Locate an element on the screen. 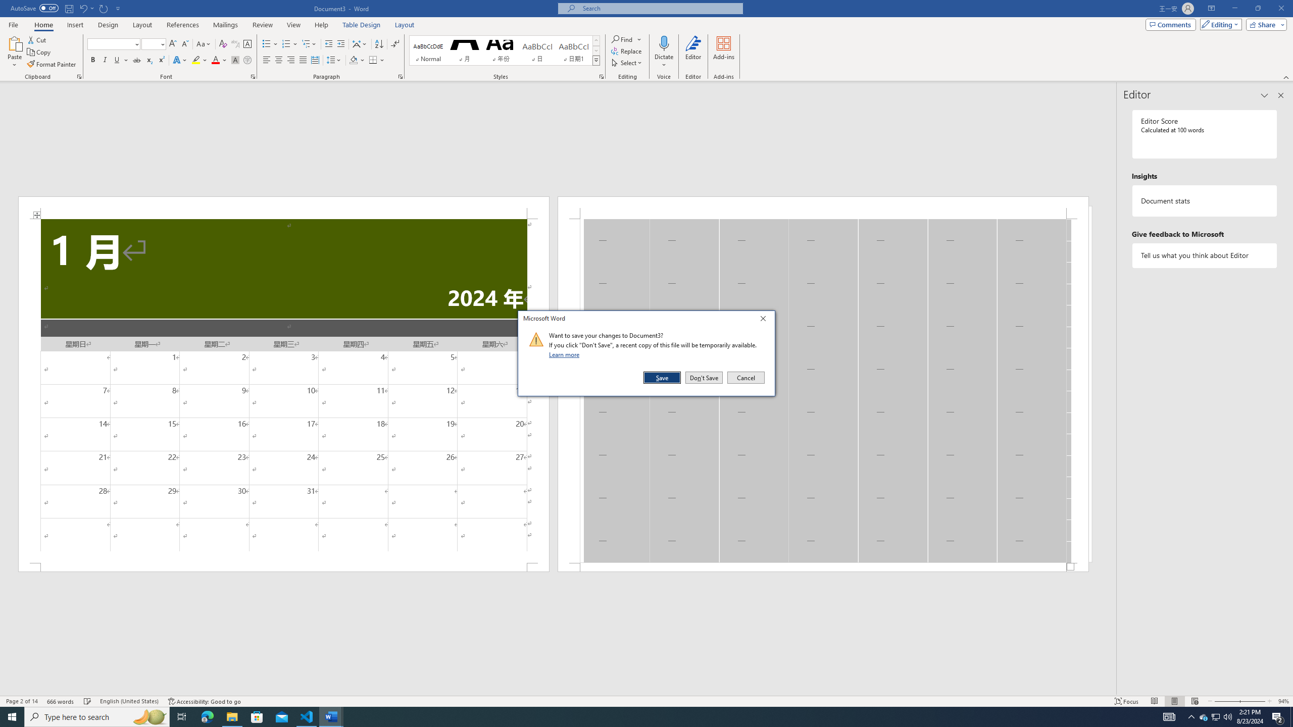  'Word - 2 running windows' is located at coordinates (331, 716).